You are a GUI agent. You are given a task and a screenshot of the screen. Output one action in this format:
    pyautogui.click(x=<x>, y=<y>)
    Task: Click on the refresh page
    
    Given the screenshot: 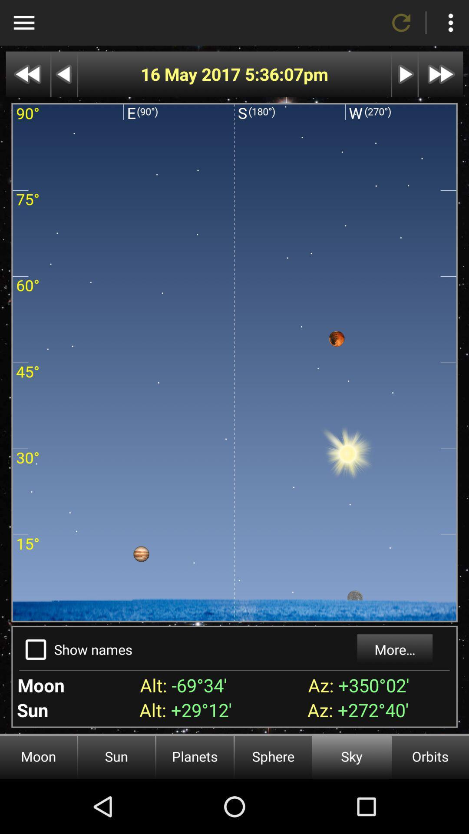 What is the action you would take?
    pyautogui.click(x=401, y=23)
    